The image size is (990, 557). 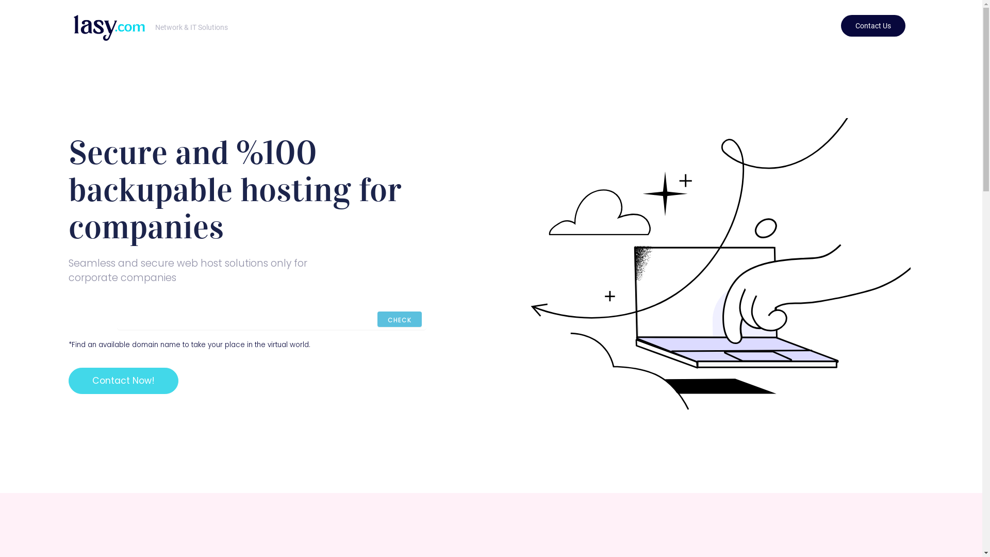 What do you see at coordinates (376, 318) in the screenshot?
I see `'CHECK'` at bounding box center [376, 318].